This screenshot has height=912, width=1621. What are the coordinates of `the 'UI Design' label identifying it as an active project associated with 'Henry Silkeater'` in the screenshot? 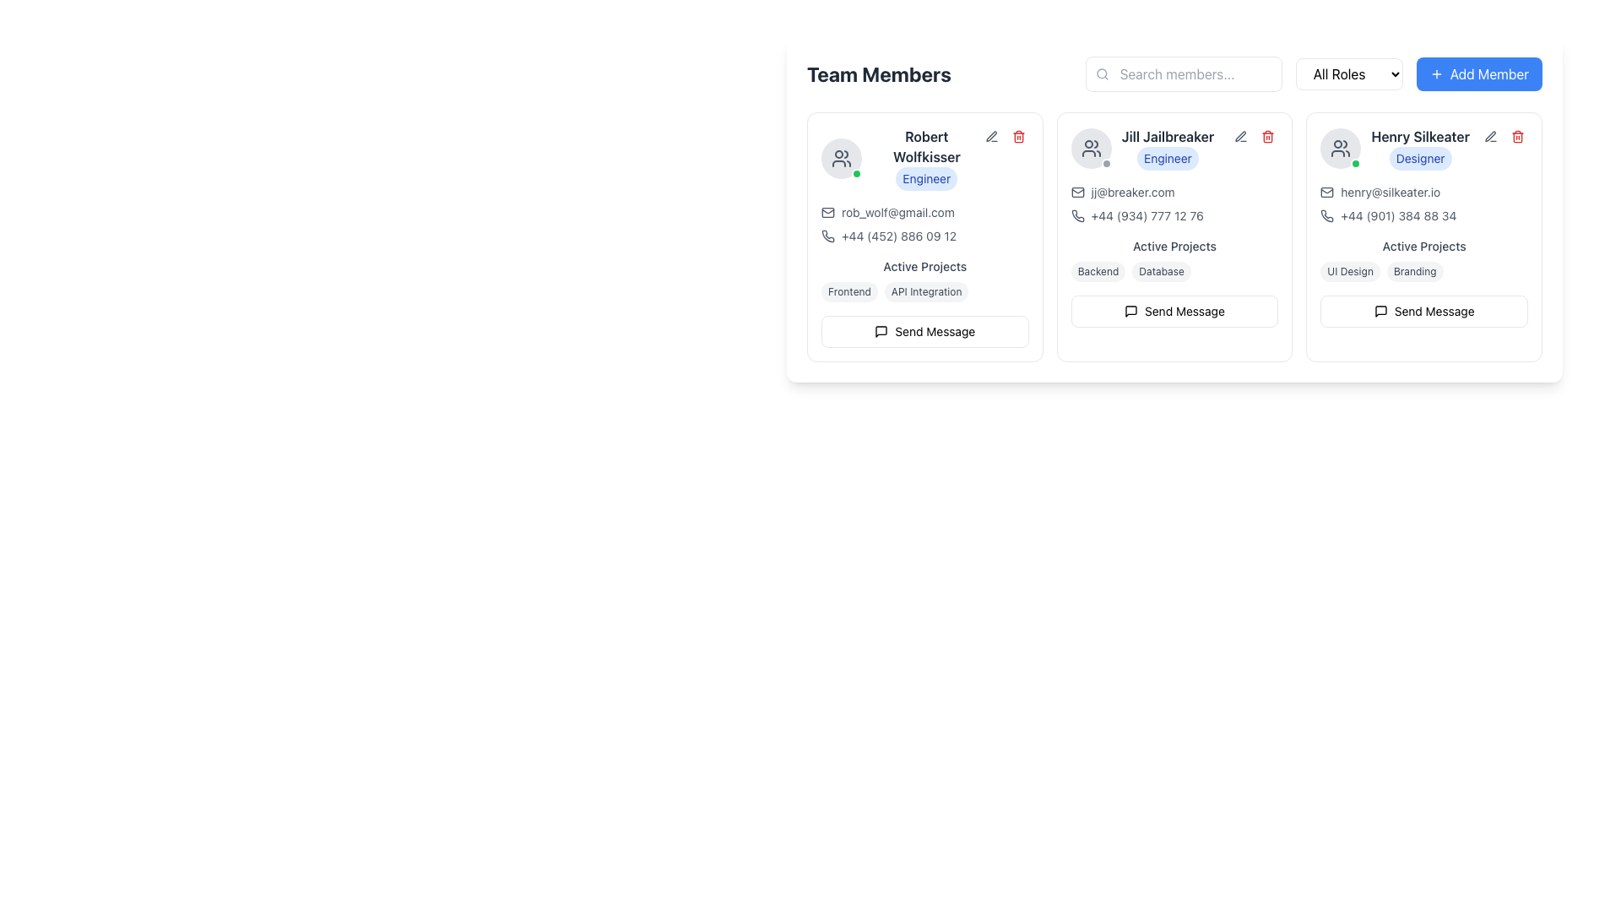 It's located at (1349, 270).